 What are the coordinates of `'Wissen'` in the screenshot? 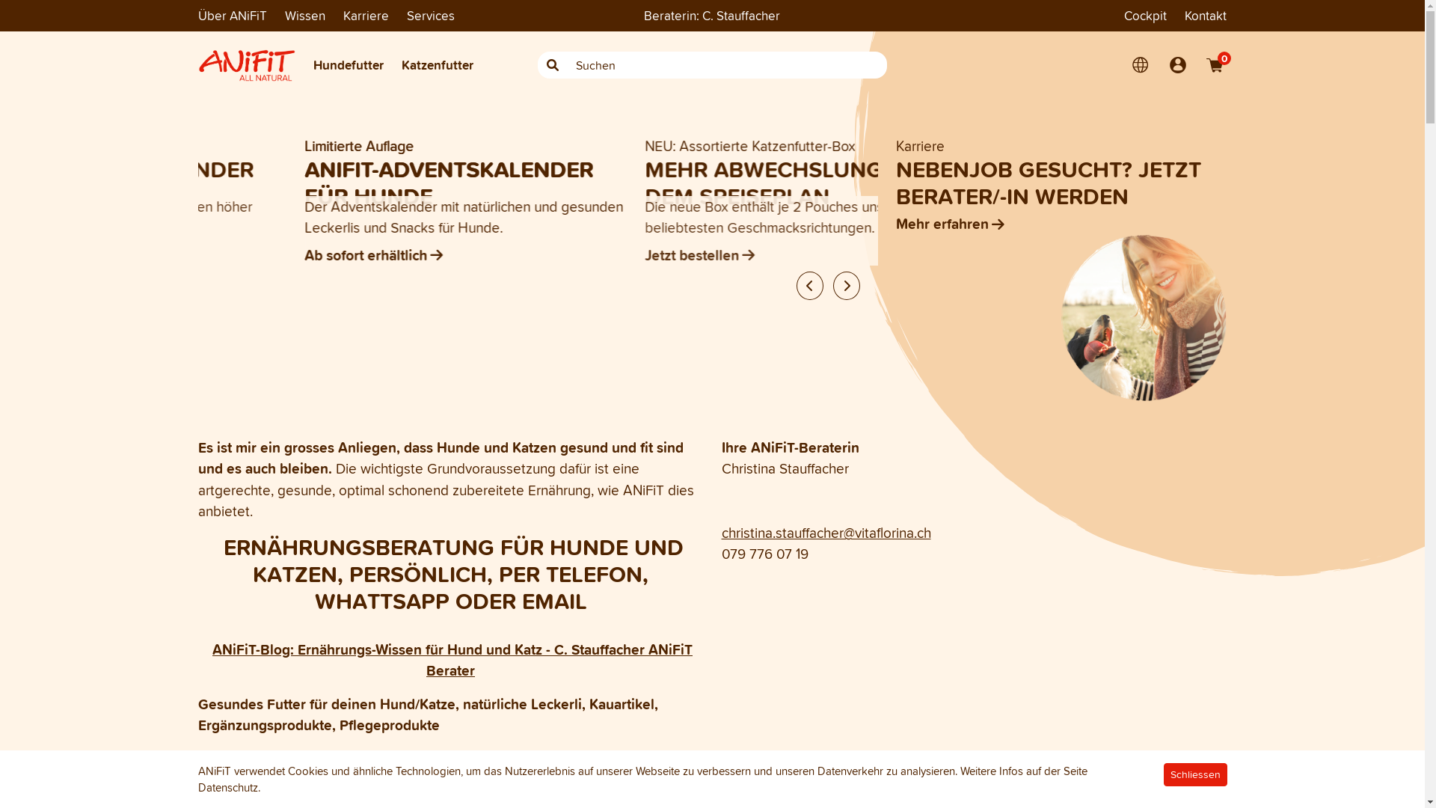 It's located at (304, 15).